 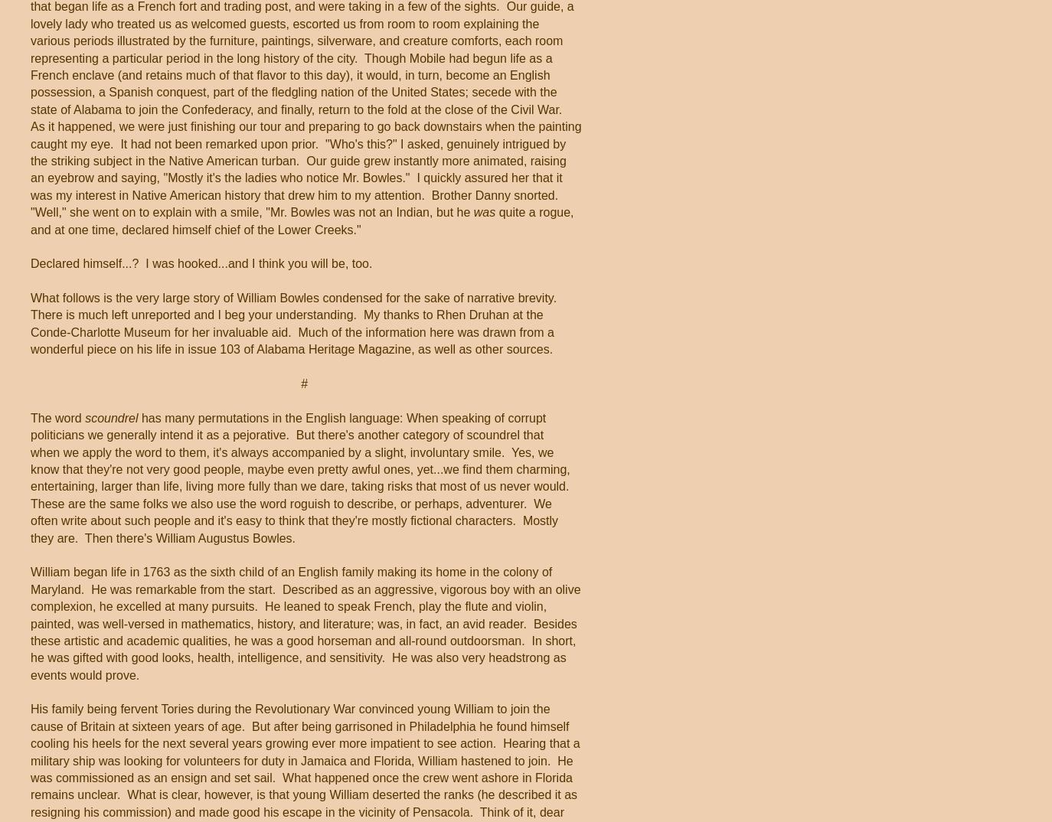 What do you see at coordinates (57, 416) in the screenshot?
I see `'The word'` at bounding box center [57, 416].